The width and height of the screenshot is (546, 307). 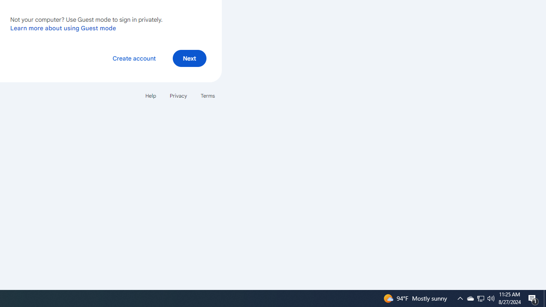 I want to click on 'Create account', so click(x=134, y=58).